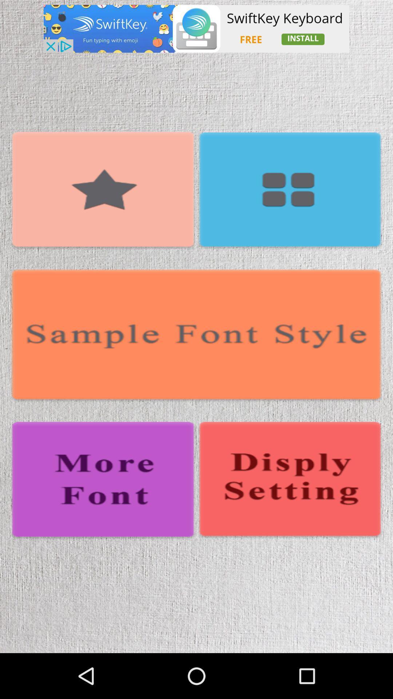  What do you see at coordinates (196, 336) in the screenshot?
I see `font styles` at bounding box center [196, 336].